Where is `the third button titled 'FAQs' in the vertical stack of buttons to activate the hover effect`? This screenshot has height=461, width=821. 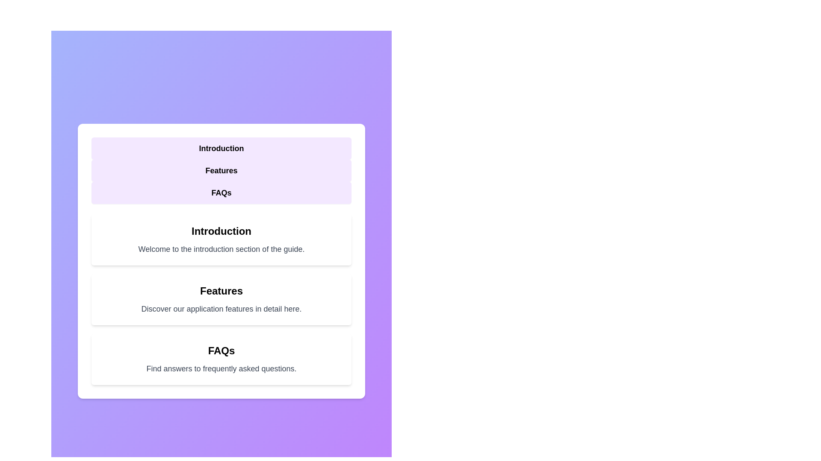 the third button titled 'FAQs' in the vertical stack of buttons to activate the hover effect is located at coordinates (221, 193).